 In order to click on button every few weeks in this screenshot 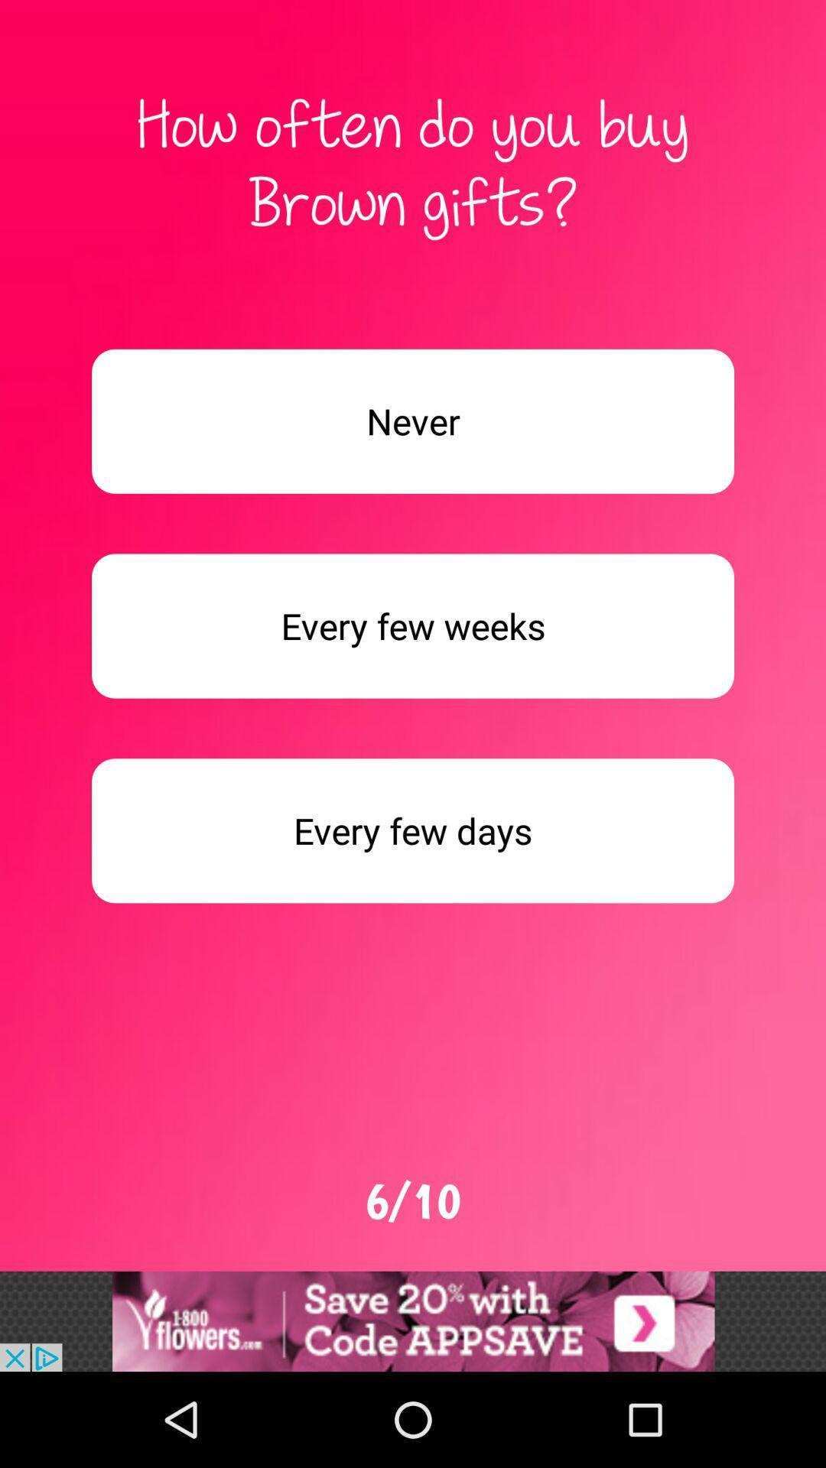, I will do `click(413, 626)`.